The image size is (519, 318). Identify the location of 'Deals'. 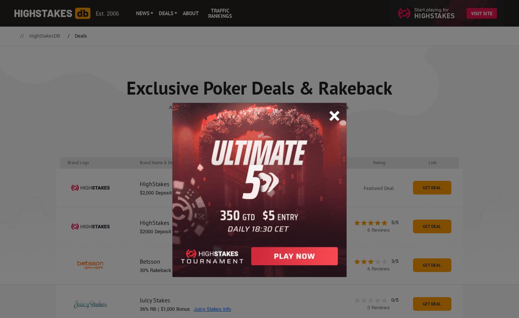
(80, 36).